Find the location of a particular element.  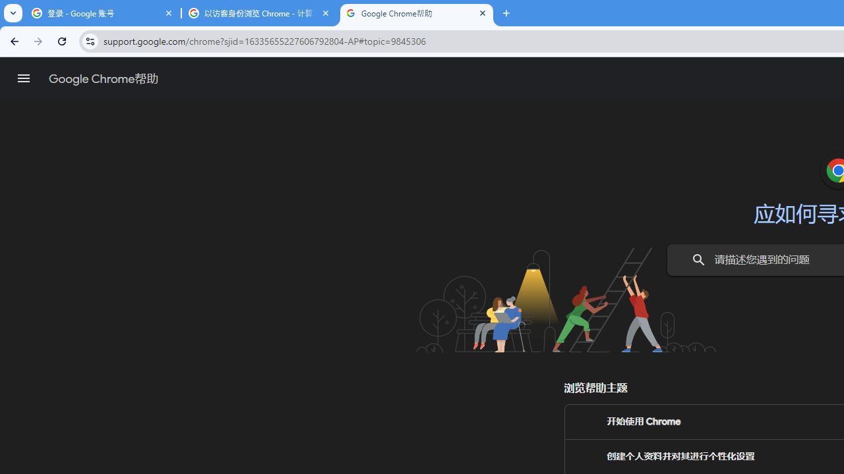

'View site information' is located at coordinates (89, 40).